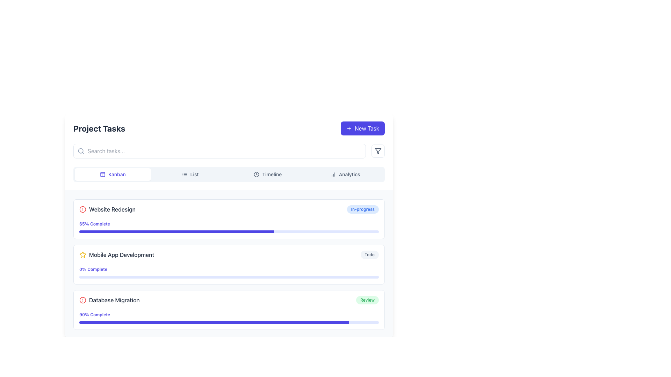  Describe the element at coordinates (112, 209) in the screenshot. I see `the text label 'Website Redesign' which indicates a task name within the project management interface, located above a progress bar and associated with a red alert icon` at that location.